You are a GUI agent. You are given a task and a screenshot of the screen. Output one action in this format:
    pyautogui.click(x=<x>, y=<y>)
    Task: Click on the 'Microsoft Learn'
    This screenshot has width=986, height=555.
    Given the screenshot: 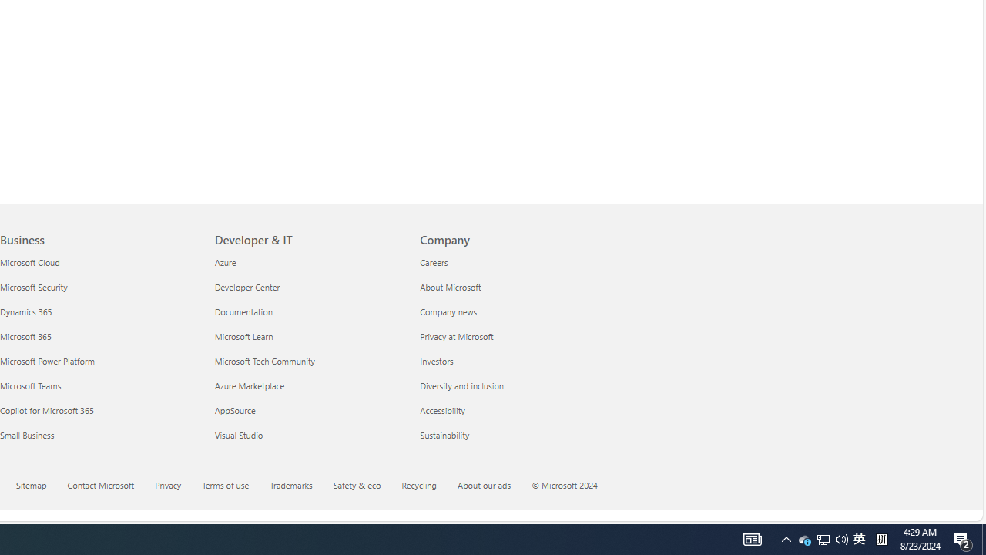 What is the action you would take?
    pyautogui.click(x=308, y=335)
    